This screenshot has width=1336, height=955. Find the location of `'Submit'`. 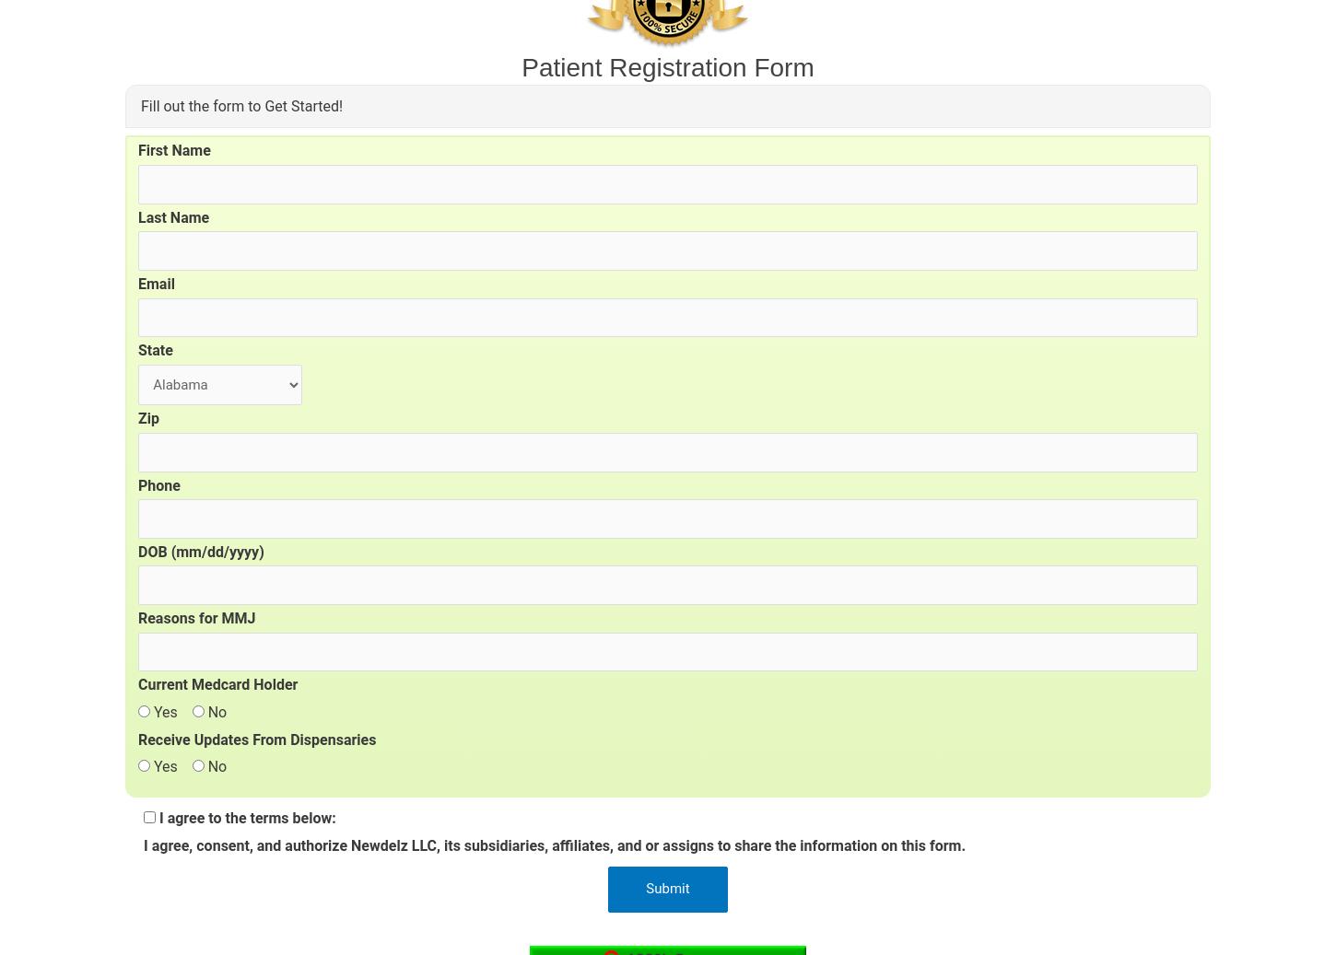

'Submit' is located at coordinates (666, 889).